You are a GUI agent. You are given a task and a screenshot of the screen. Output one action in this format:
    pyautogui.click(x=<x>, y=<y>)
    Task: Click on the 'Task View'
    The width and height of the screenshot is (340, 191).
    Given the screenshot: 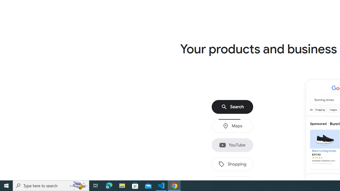 What is the action you would take?
    pyautogui.click(x=95, y=185)
    